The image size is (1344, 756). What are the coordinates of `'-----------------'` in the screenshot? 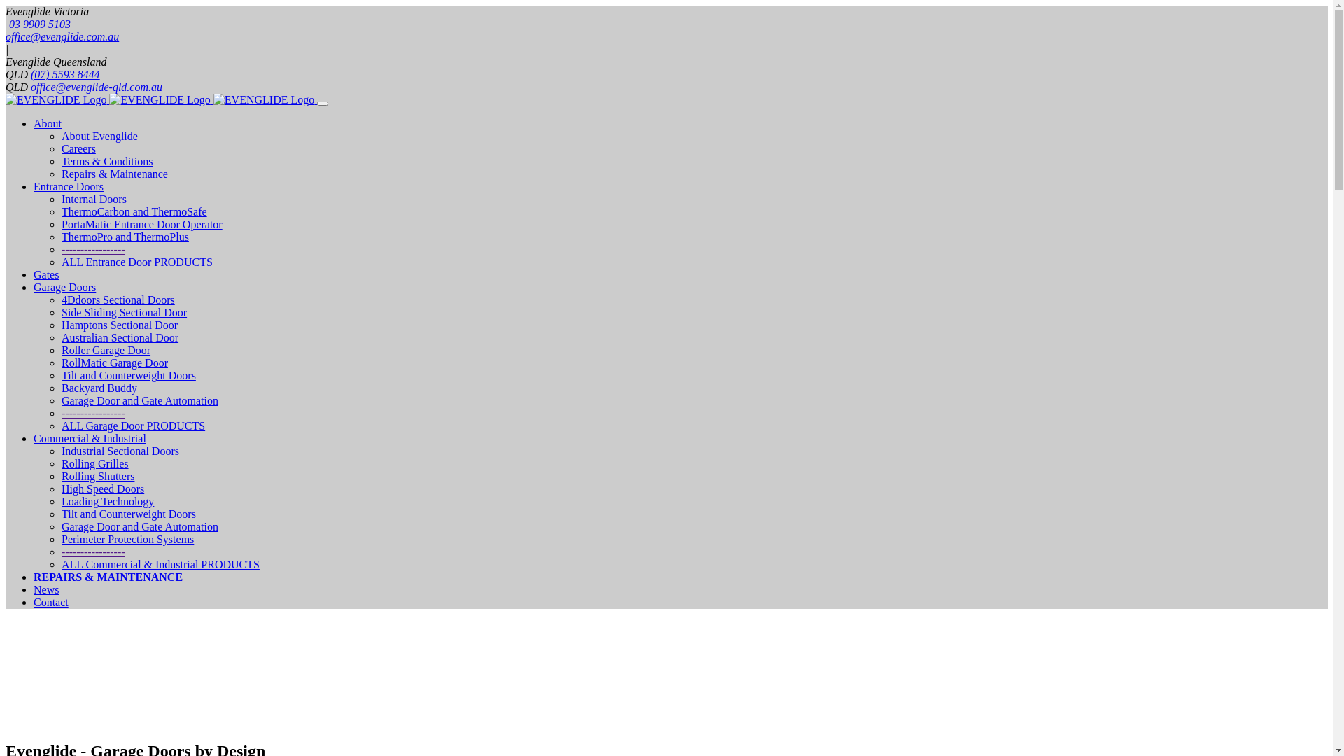 It's located at (60, 248).